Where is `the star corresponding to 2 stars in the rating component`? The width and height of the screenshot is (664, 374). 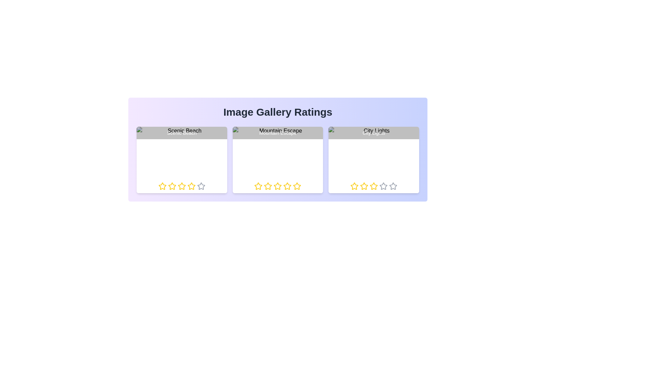
the star corresponding to 2 stars in the rating component is located at coordinates (172, 186).